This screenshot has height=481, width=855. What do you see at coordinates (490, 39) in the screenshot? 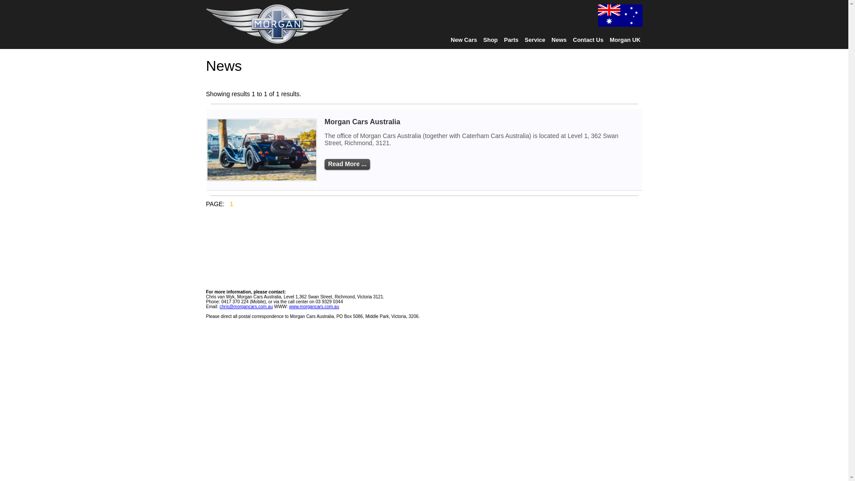
I see `'Shop'` at bounding box center [490, 39].